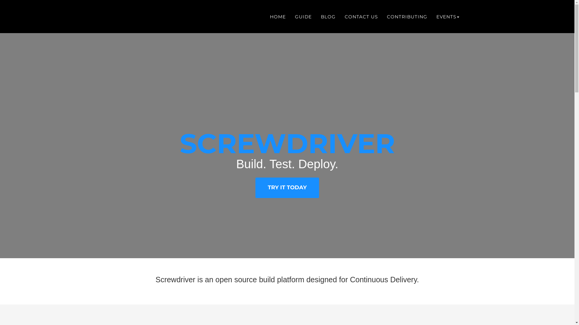 The image size is (579, 325). Describe the element at coordinates (361, 16) in the screenshot. I see `'CONTACT US'` at that location.